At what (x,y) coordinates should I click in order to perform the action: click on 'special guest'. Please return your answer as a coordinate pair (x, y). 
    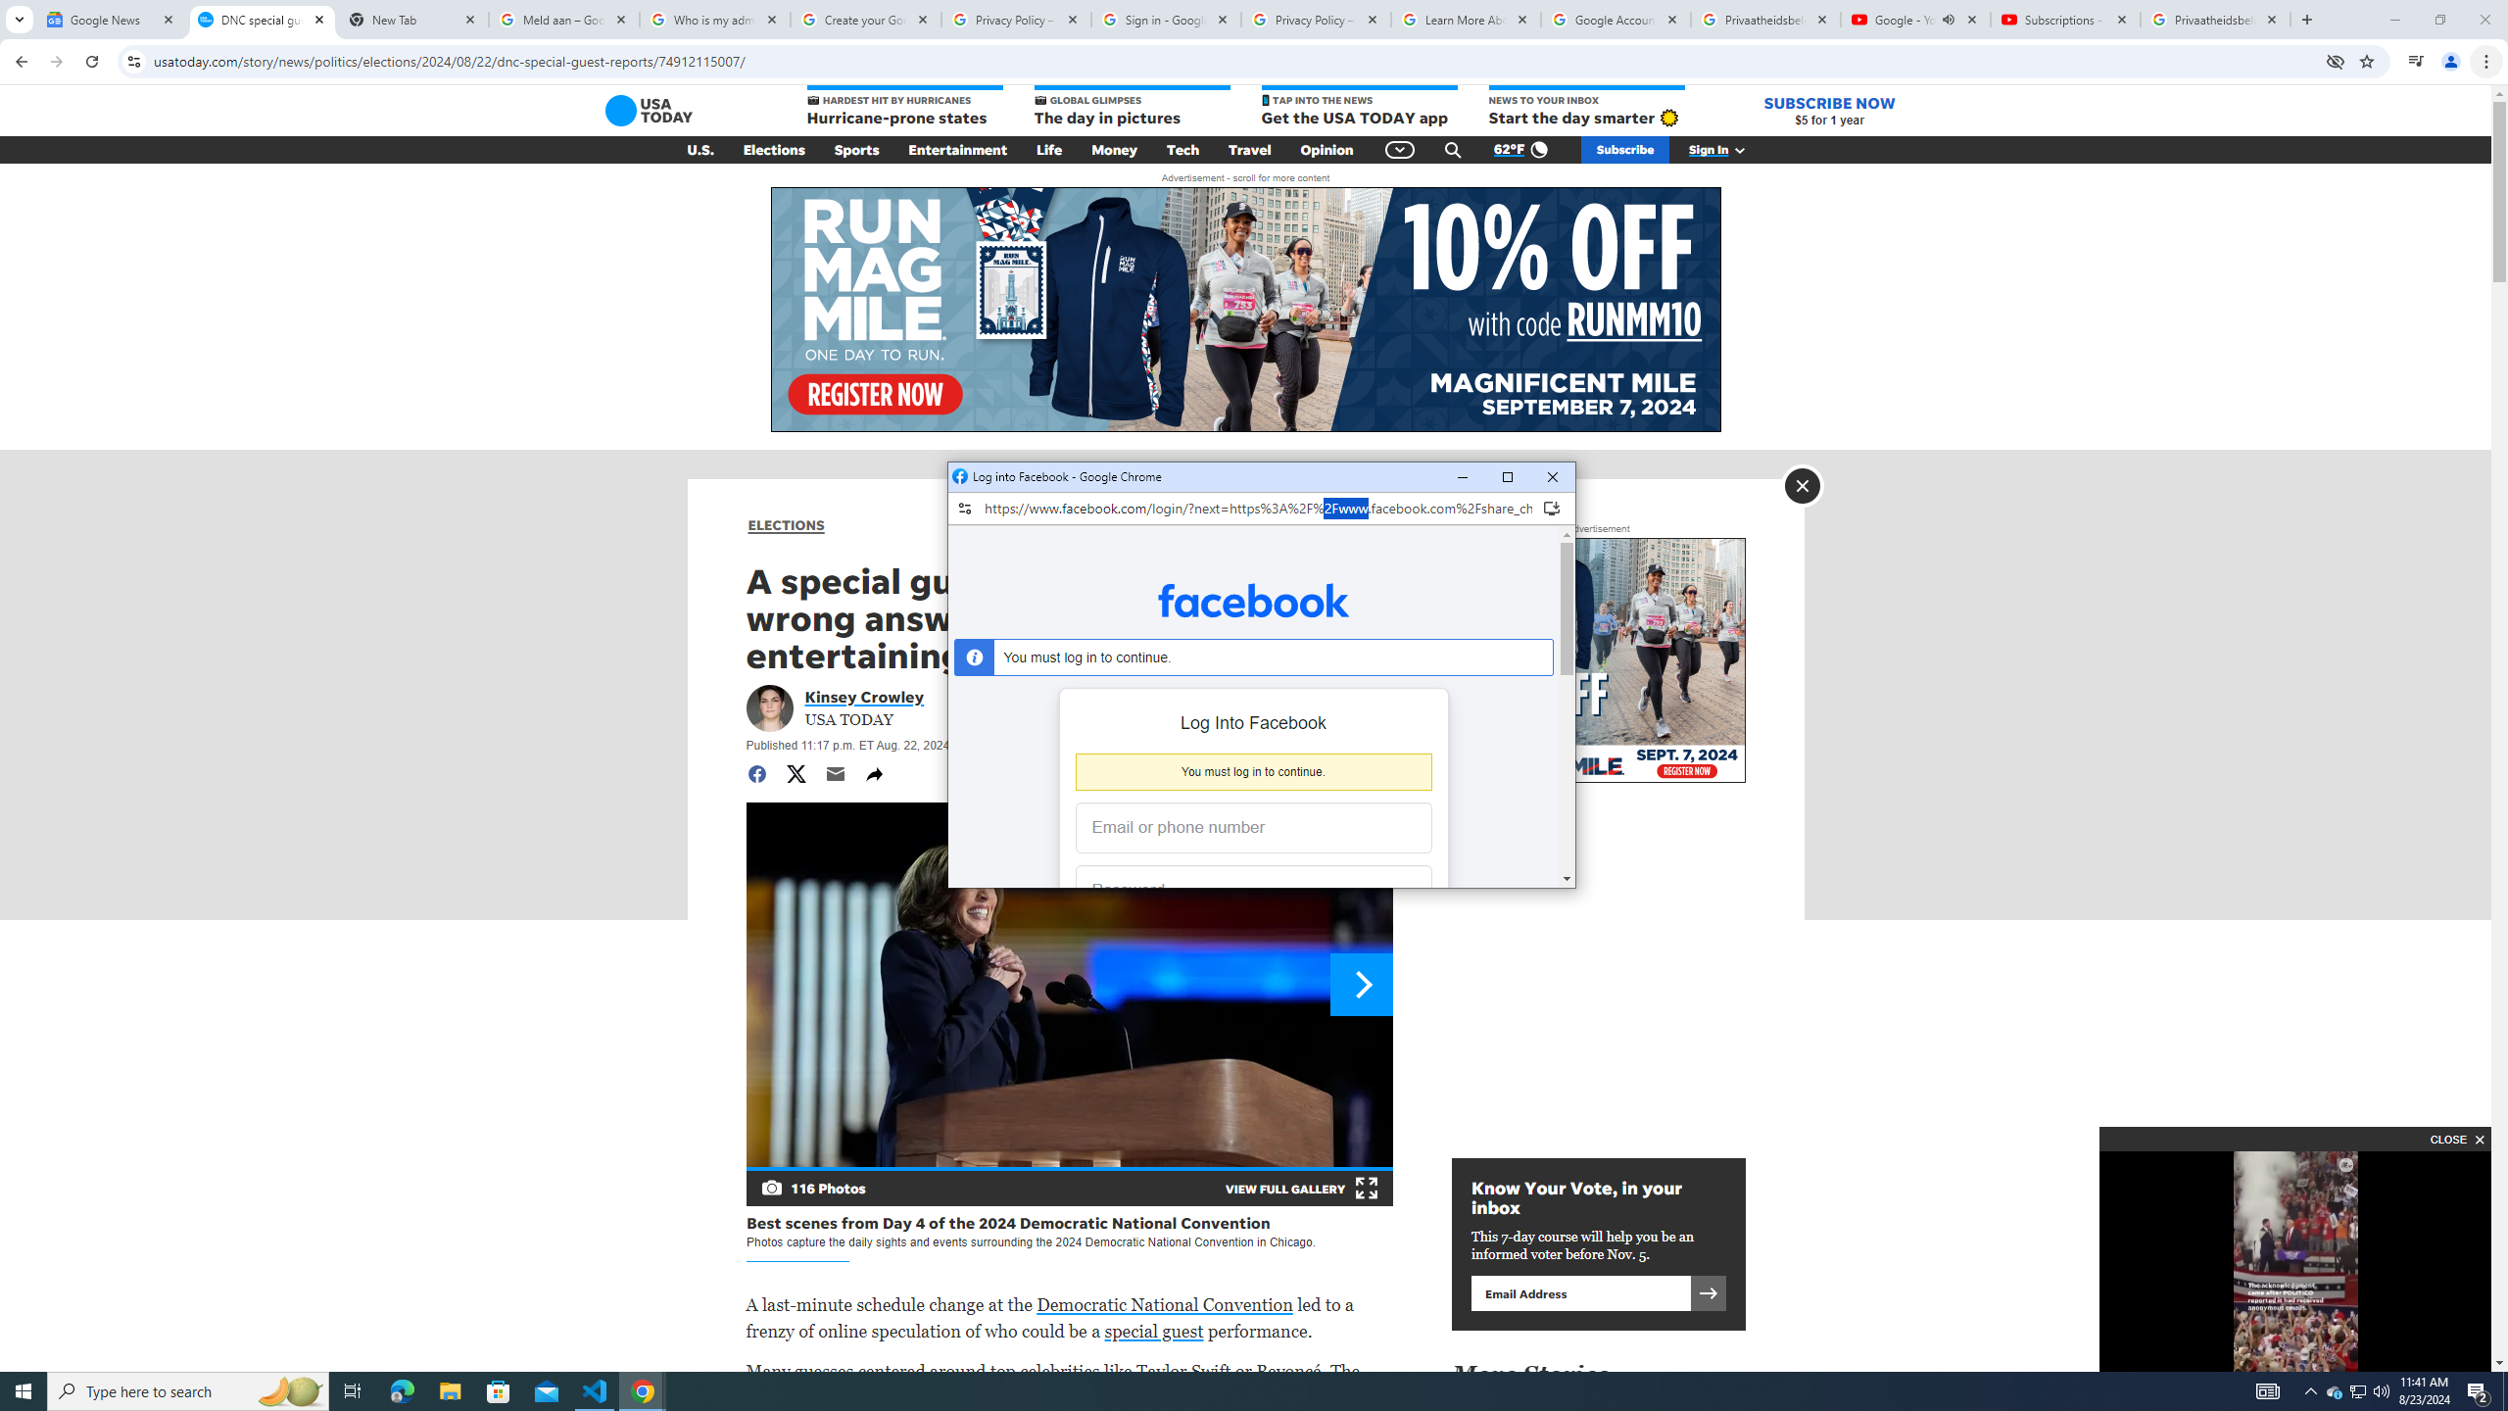
    Looking at the image, I should click on (1153, 1330).